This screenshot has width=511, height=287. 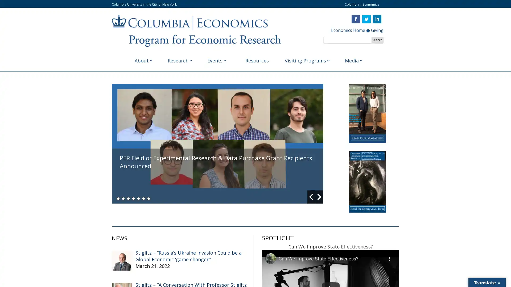 I want to click on 6, so click(x=143, y=198).